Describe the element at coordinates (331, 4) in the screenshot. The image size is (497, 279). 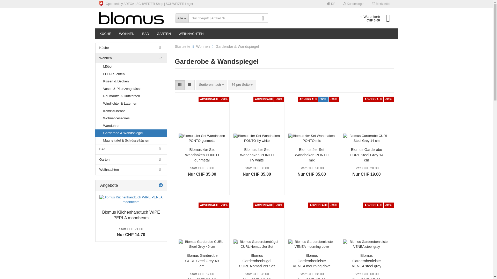
I see `'DE'` at that location.